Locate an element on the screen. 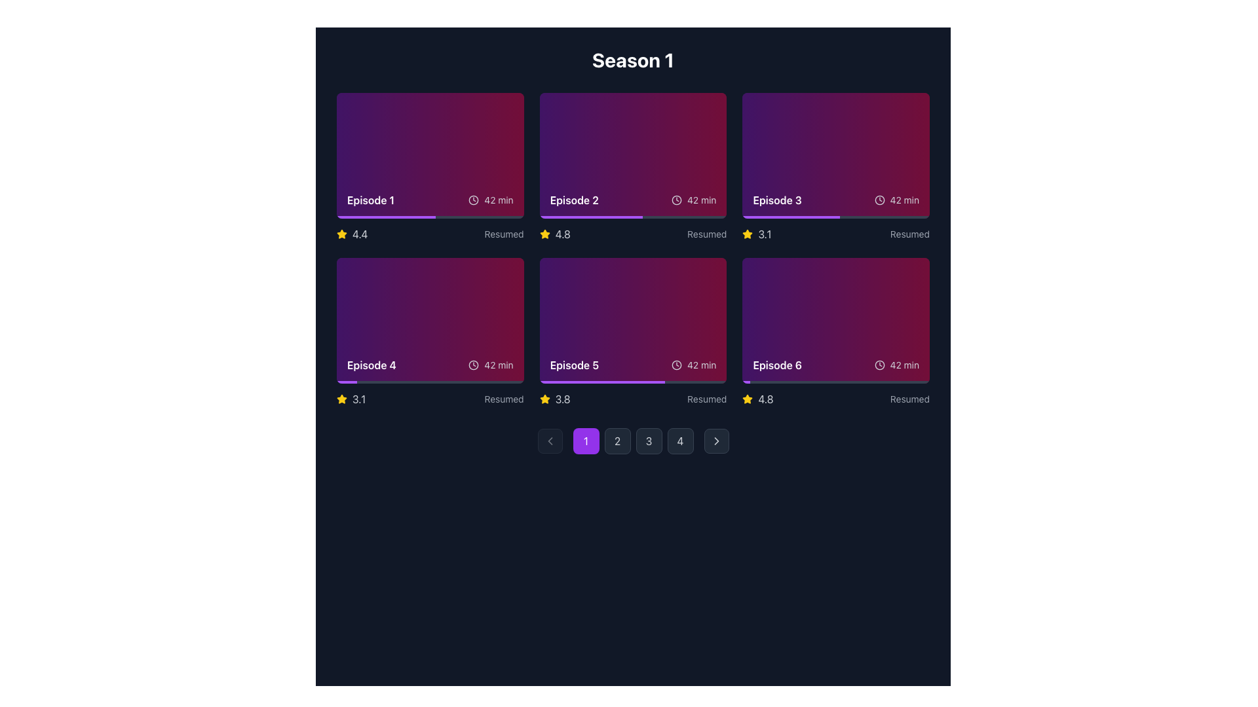 This screenshot has height=707, width=1258. the clock icon with a circular outline and clock hands, located in the Episode 3 card, second row, third column, next to the '42 min' text is located at coordinates (879, 200).